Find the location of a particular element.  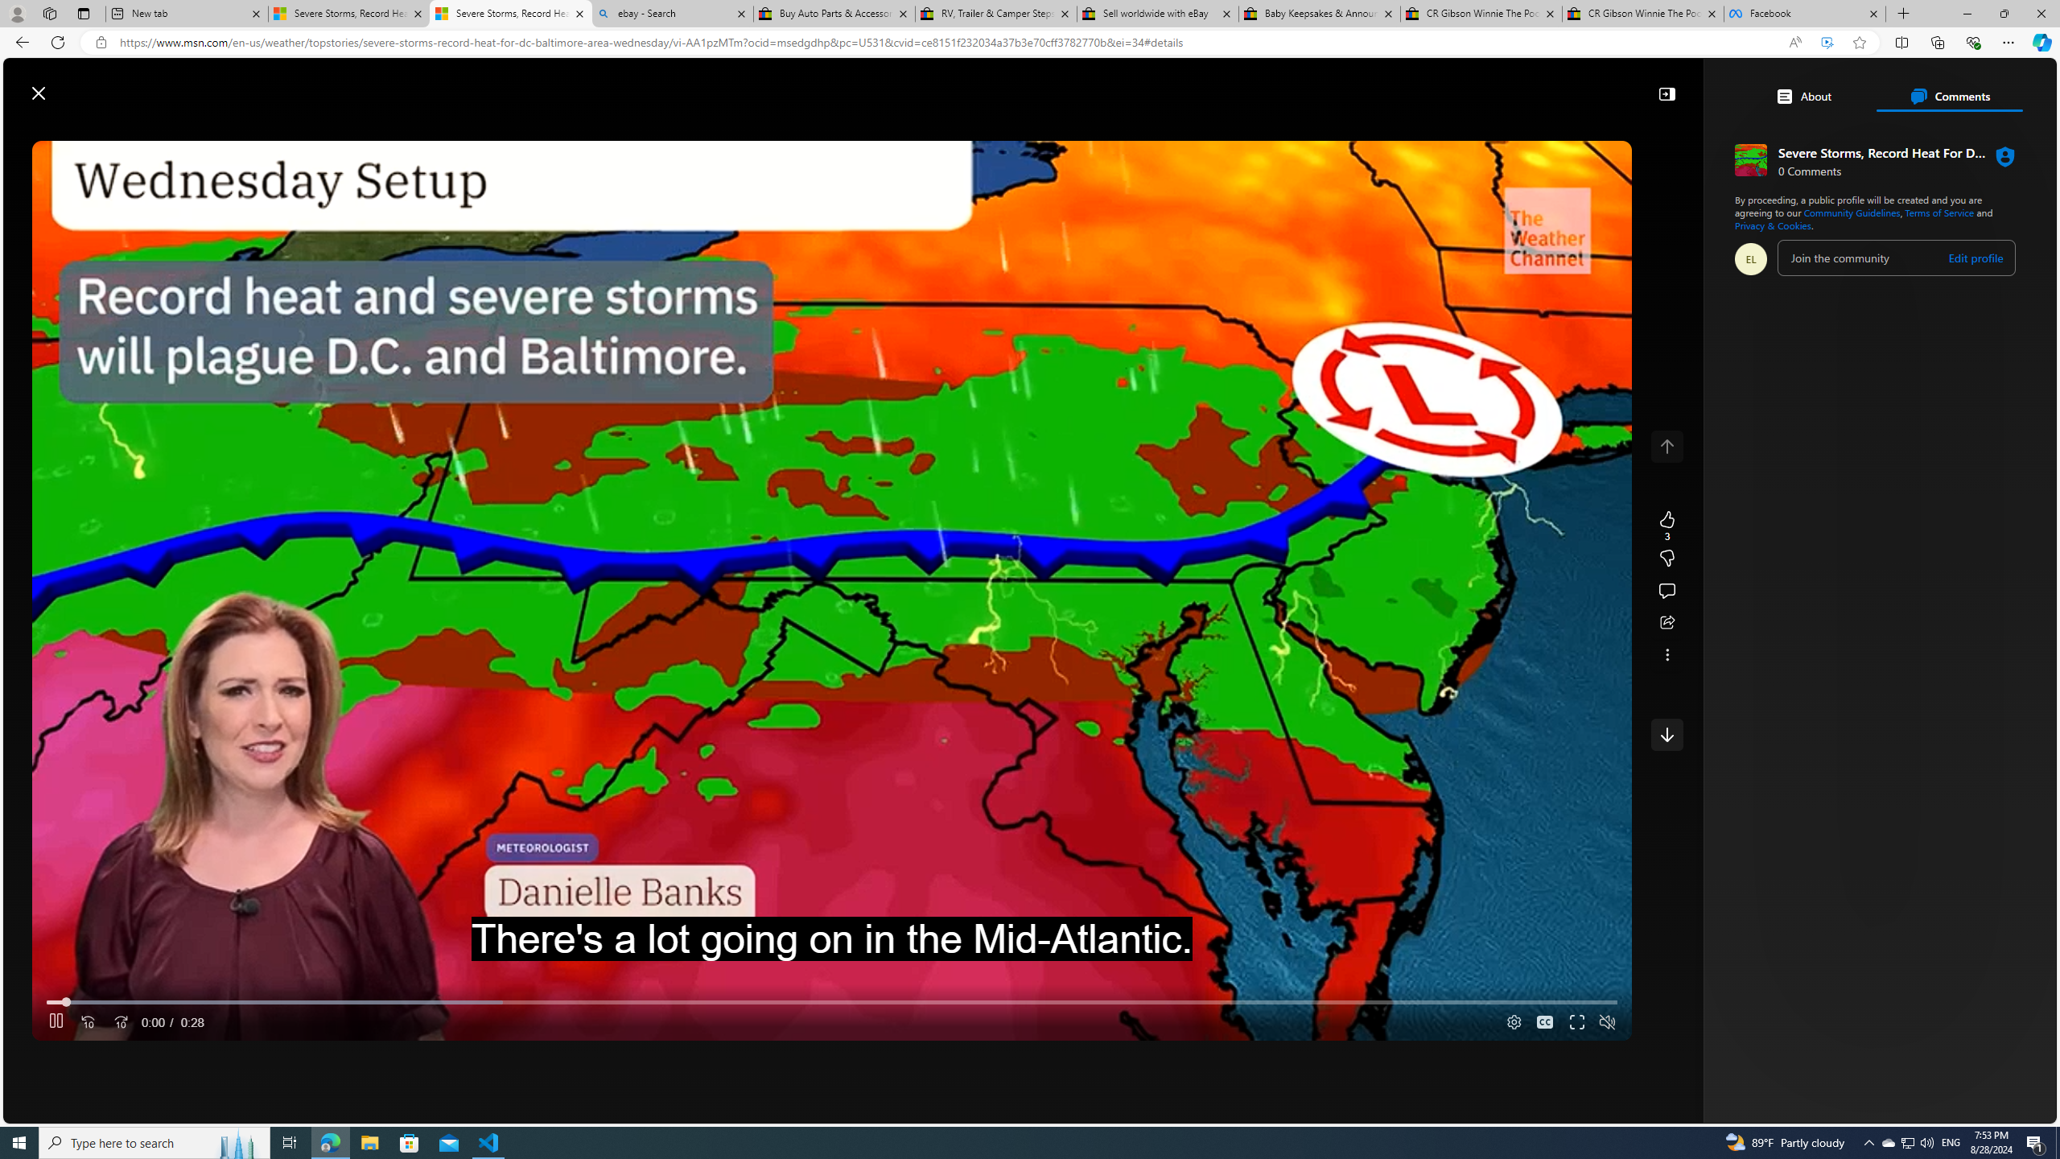

'Pause' is located at coordinates (56, 1023).